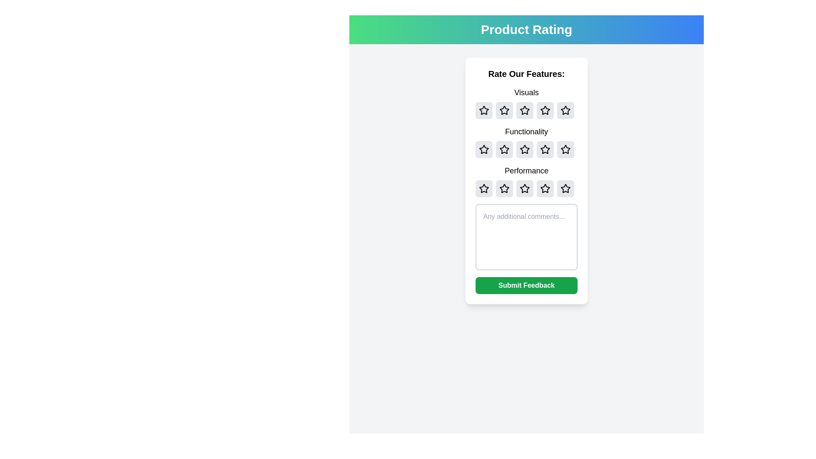  Describe the element at coordinates (504, 188) in the screenshot. I see `the second star in the third row of the 'Performance' rating group to trigger a visual response` at that location.